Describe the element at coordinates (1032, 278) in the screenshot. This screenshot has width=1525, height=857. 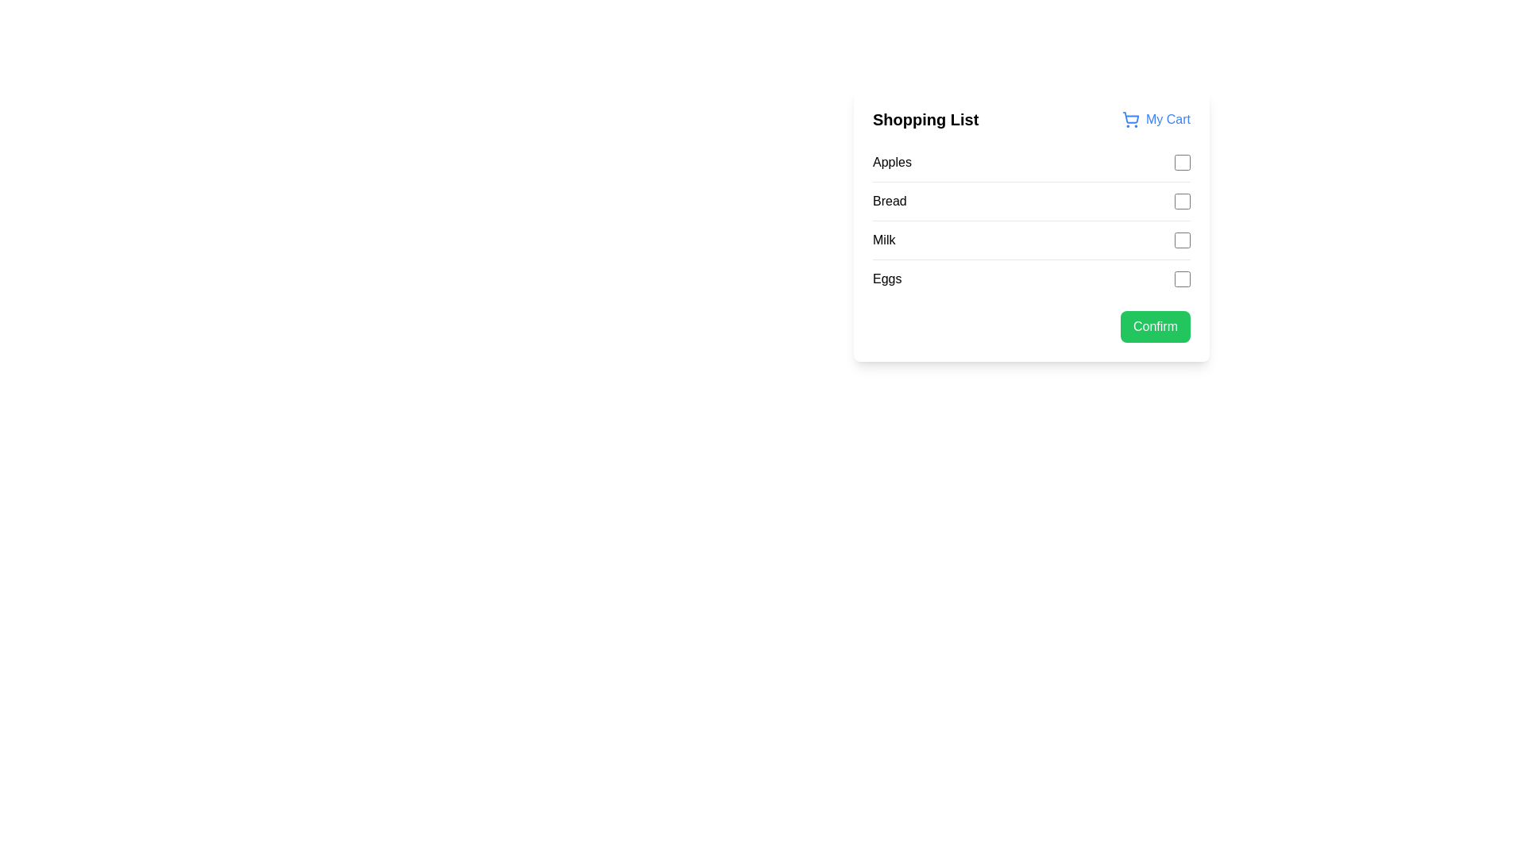
I see `the list item labeled 'Eggs' in the 'Shopping List' card, which is the fourth item in the vertical list` at that location.